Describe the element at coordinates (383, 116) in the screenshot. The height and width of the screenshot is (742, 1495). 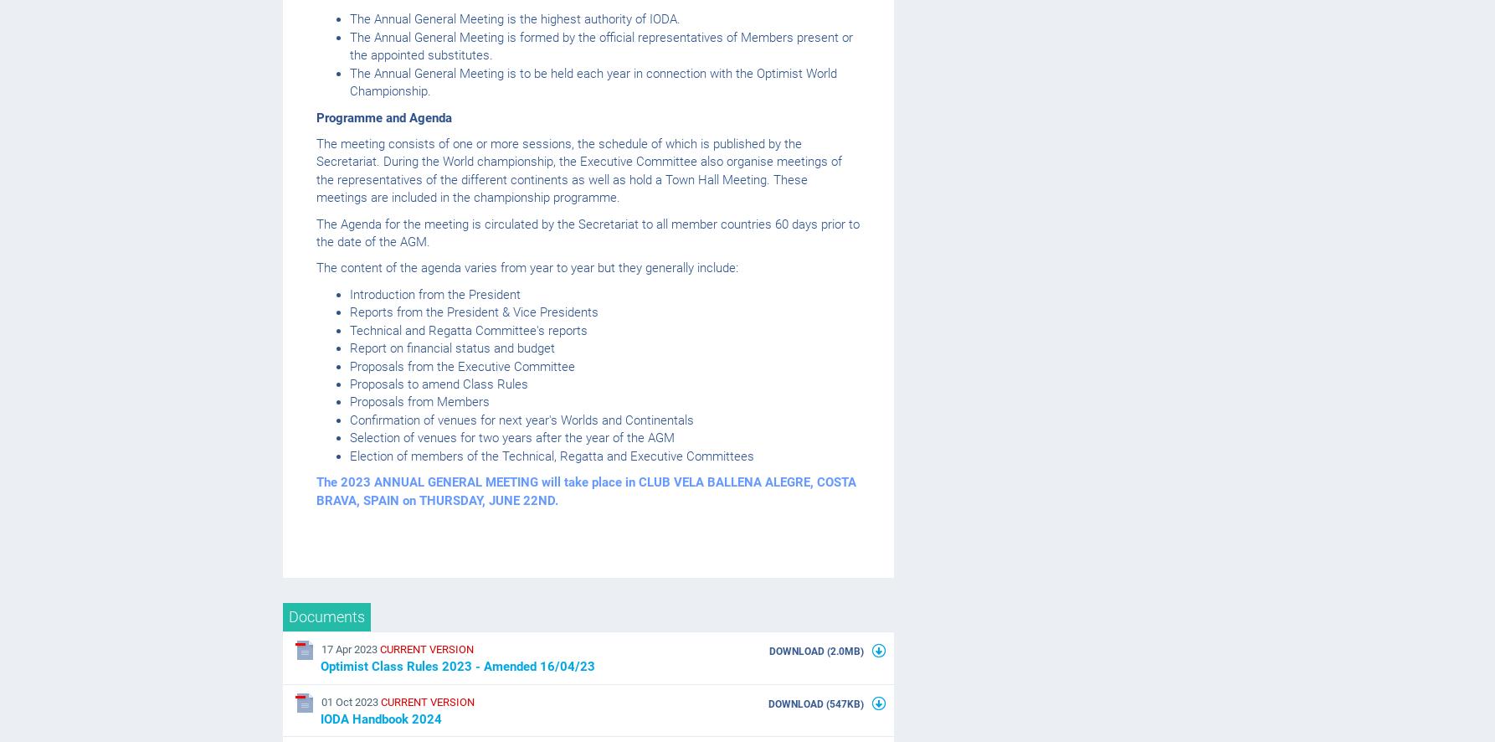
I see `'Programme and Agenda'` at that location.